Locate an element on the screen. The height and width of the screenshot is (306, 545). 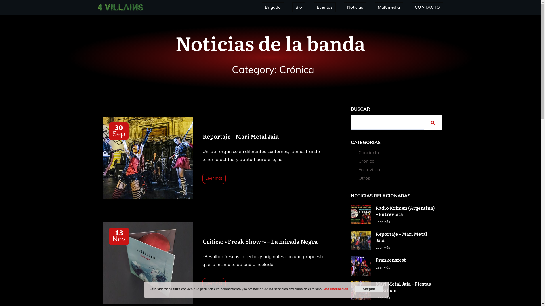
'Otros' is located at coordinates (364, 178).